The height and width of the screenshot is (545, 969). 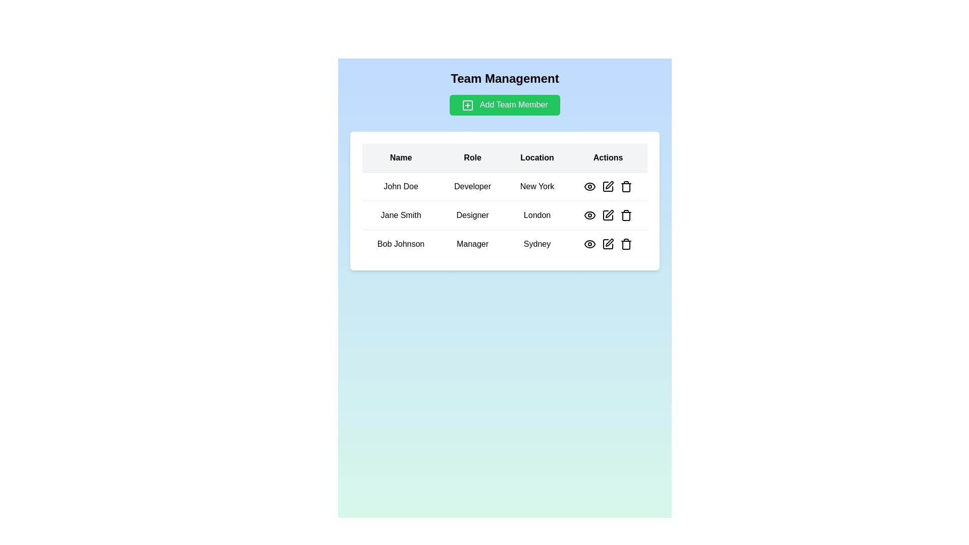 What do you see at coordinates (472, 214) in the screenshot?
I see `the text label displaying 'Designer' in the 'Role' column of the 'Team Management' data table for 'Jane Smith'` at bounding box center [472, 214].